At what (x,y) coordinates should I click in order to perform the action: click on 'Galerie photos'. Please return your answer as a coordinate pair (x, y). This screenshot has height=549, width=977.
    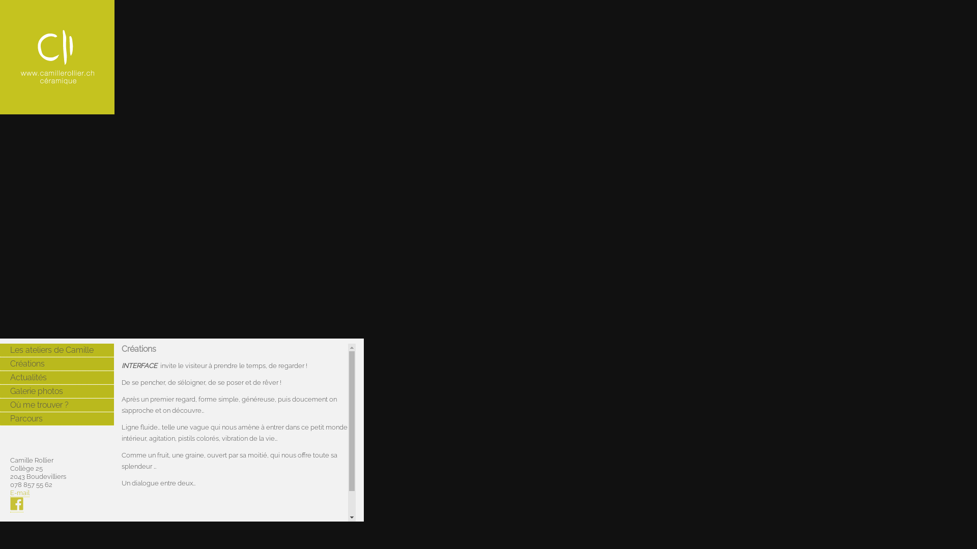
    Looking at the image, I should click on (56, 391).